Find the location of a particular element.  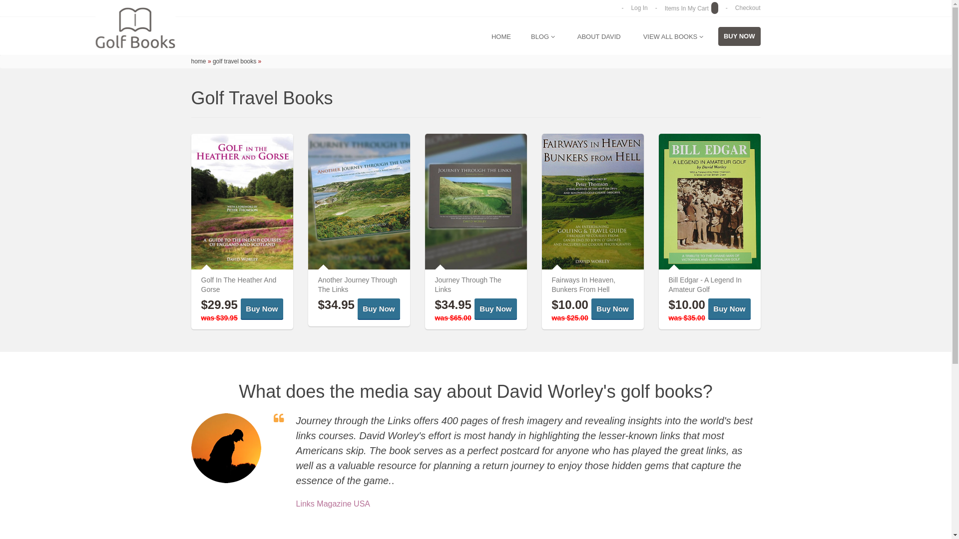

'Fairways In Heaven, Bunkers From Hell' is located at coordinates (551, 284).